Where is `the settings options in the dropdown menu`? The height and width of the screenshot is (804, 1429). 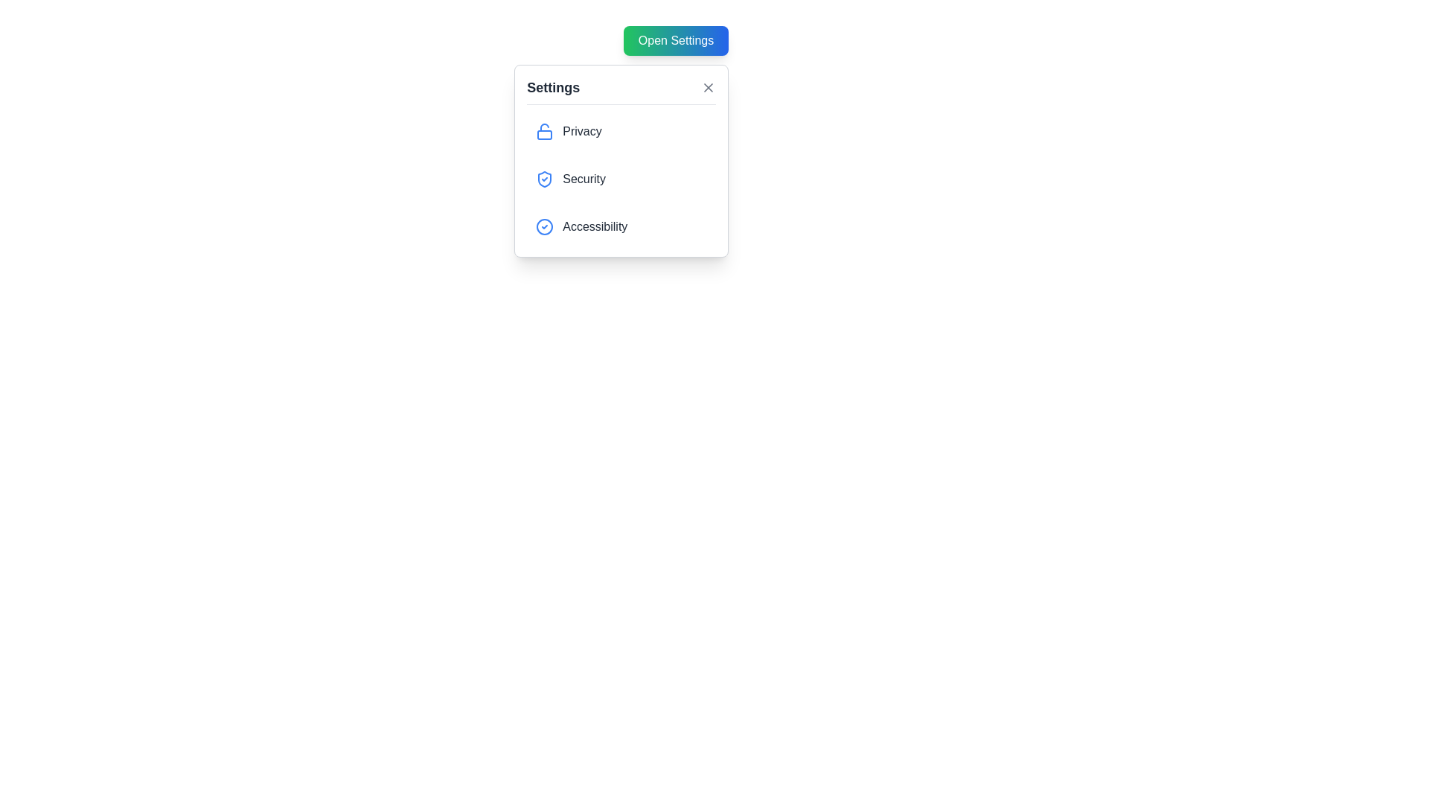
the settings options in the dropdown menu is located at coordinates (621, 178).